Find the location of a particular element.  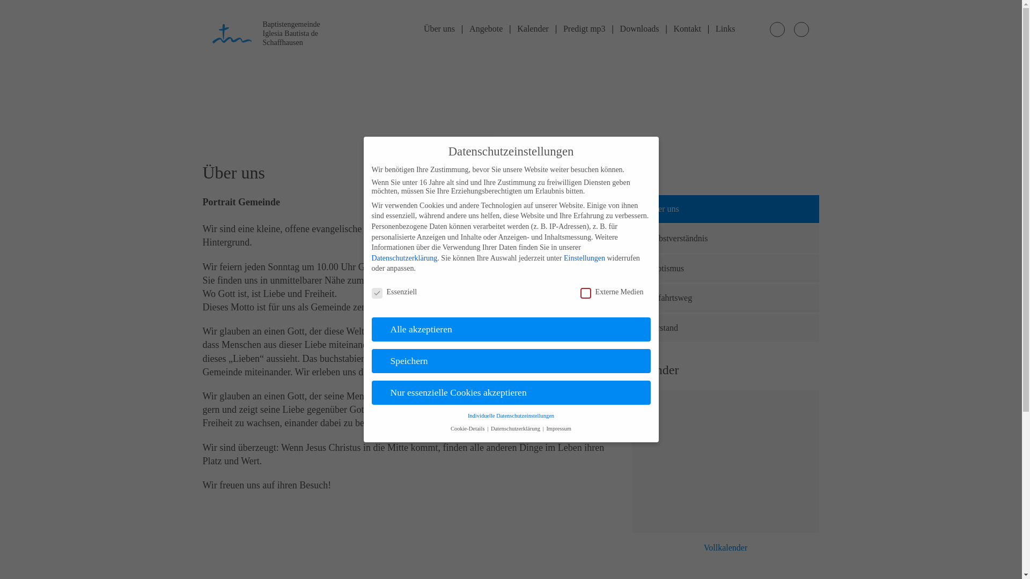

'Impressum' is located at coordinates (558, 428).